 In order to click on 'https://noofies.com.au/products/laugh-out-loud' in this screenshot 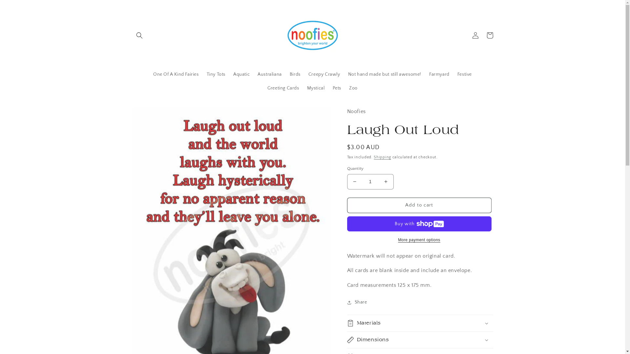, I will do `click(386, 324)`.